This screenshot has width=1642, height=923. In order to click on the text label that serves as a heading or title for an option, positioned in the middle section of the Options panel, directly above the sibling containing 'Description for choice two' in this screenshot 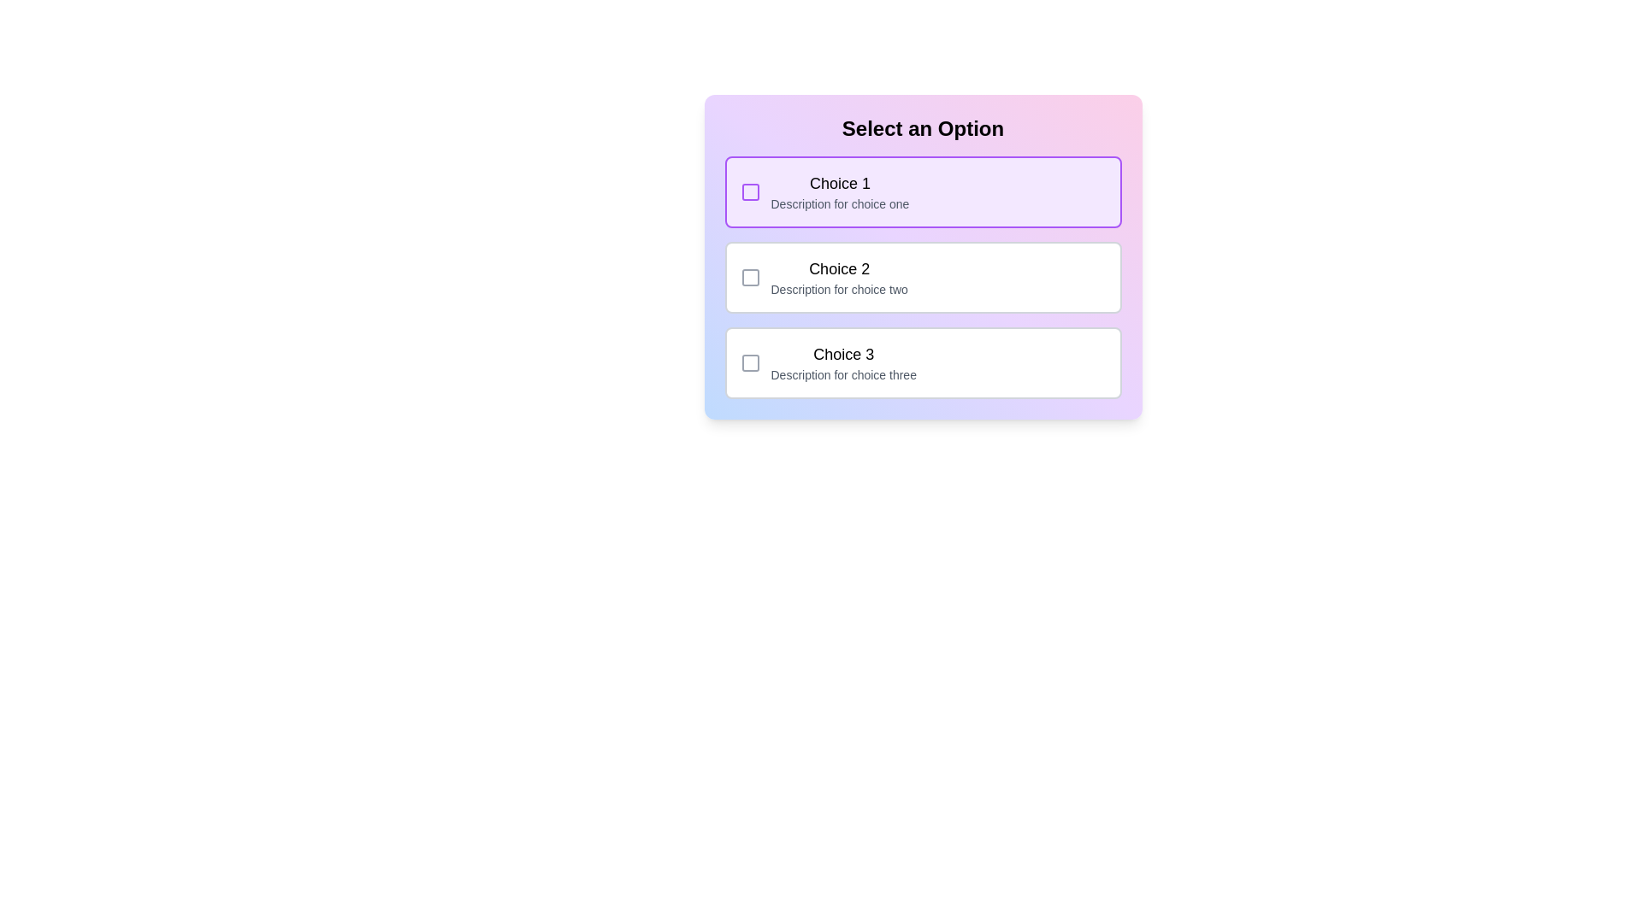, I will do `click(839, 269)`.